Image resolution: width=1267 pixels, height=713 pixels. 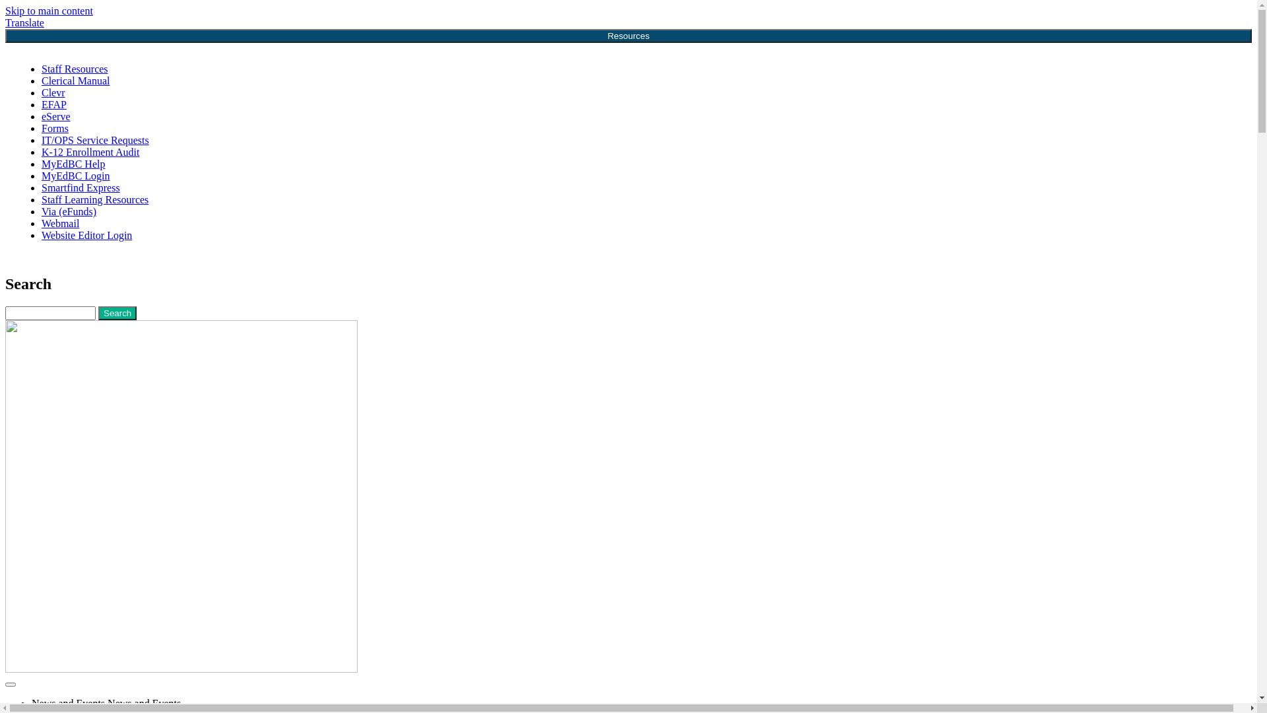 What do you see at coordinates (80, 187) in the screenshot?
I see `'Smartfind Express'` at bounding box center [80, 187].